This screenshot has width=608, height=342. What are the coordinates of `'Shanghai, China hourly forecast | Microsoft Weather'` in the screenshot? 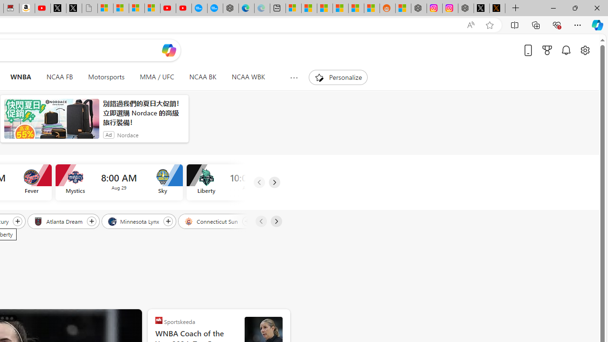 It's located at (325, 8).